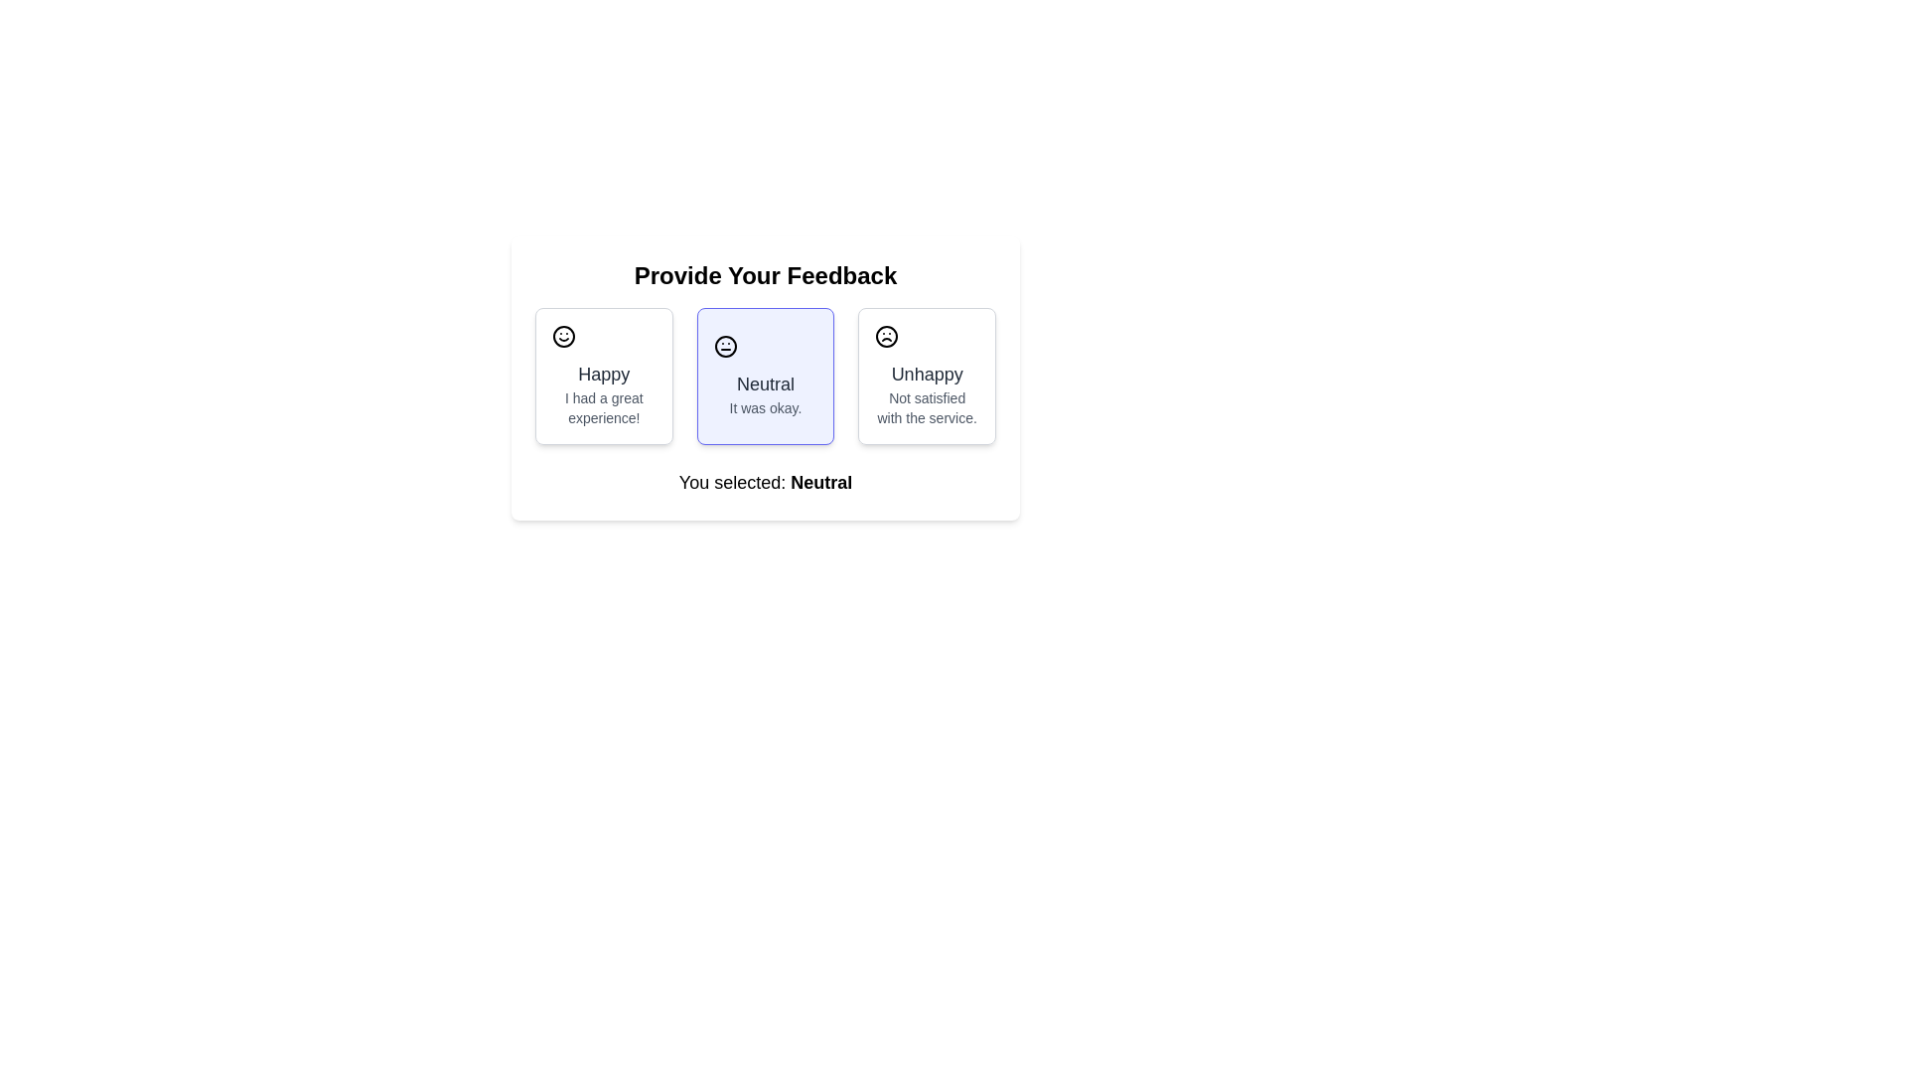 The image size is (1907, 1073). What do you see at coordinates (724, 345) in the screenshot?
I see `the circular icon representing a neutral expression, which is located within the 'Neutral' feedback option beneath the 'Provide Your Feedback' heading` at bounding box center [724, 345].